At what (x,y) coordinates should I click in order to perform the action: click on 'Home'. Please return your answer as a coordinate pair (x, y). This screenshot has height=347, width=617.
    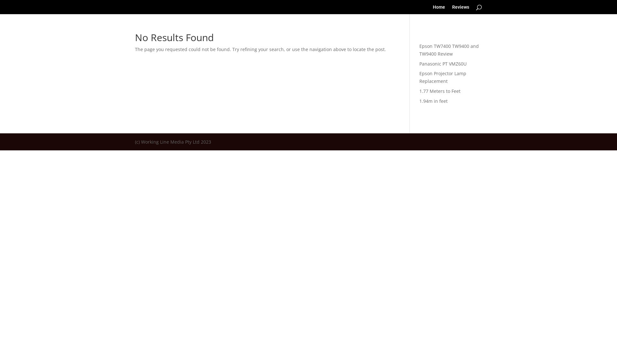
    Looking at the image, I should click on (433, 9).